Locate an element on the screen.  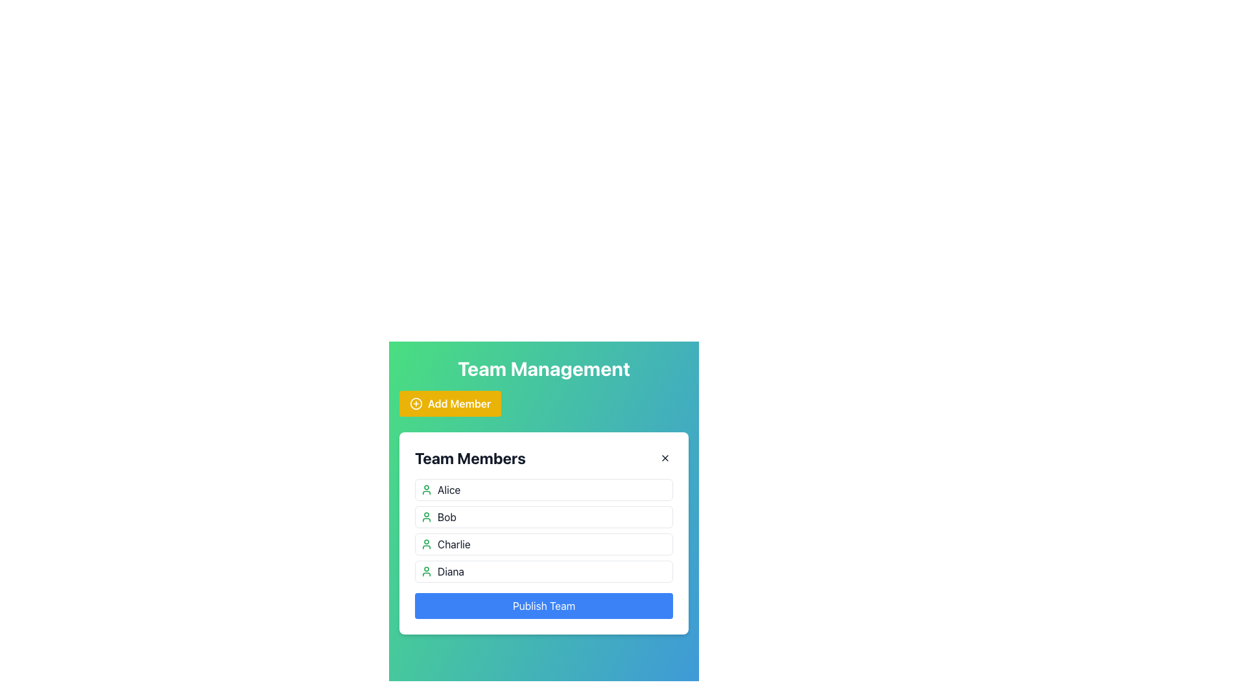
the 'Publish Team' button, which has a blue background and white text is located at coordinates (544, 605).